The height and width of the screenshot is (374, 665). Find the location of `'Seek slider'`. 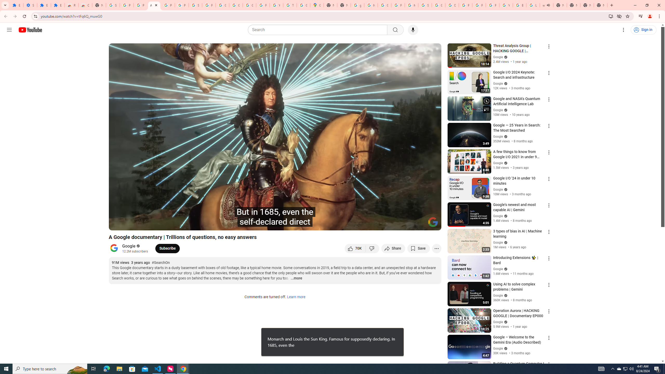

'Seek slider' is located at coordinates (275, 217).